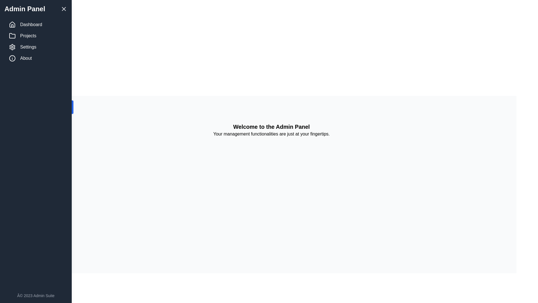 Image resolution: width=538 pixels, height=303 pixels. Describe the element at coordinates (64, 9) in the screenshot. I see `the close button located at the far right of the 'Admin Panel' header` at that location.